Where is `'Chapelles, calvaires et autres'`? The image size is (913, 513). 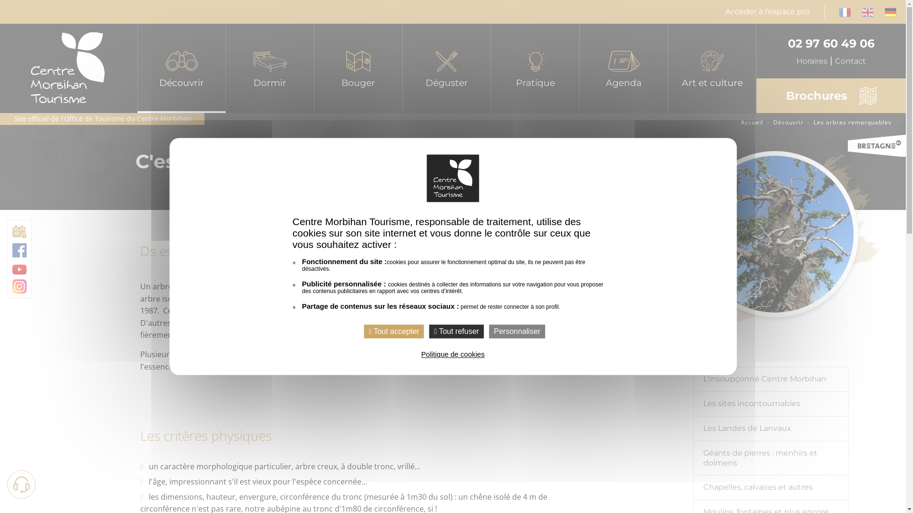
'Chapelles, calvaires et autres' is located at coordinates (771, 487).